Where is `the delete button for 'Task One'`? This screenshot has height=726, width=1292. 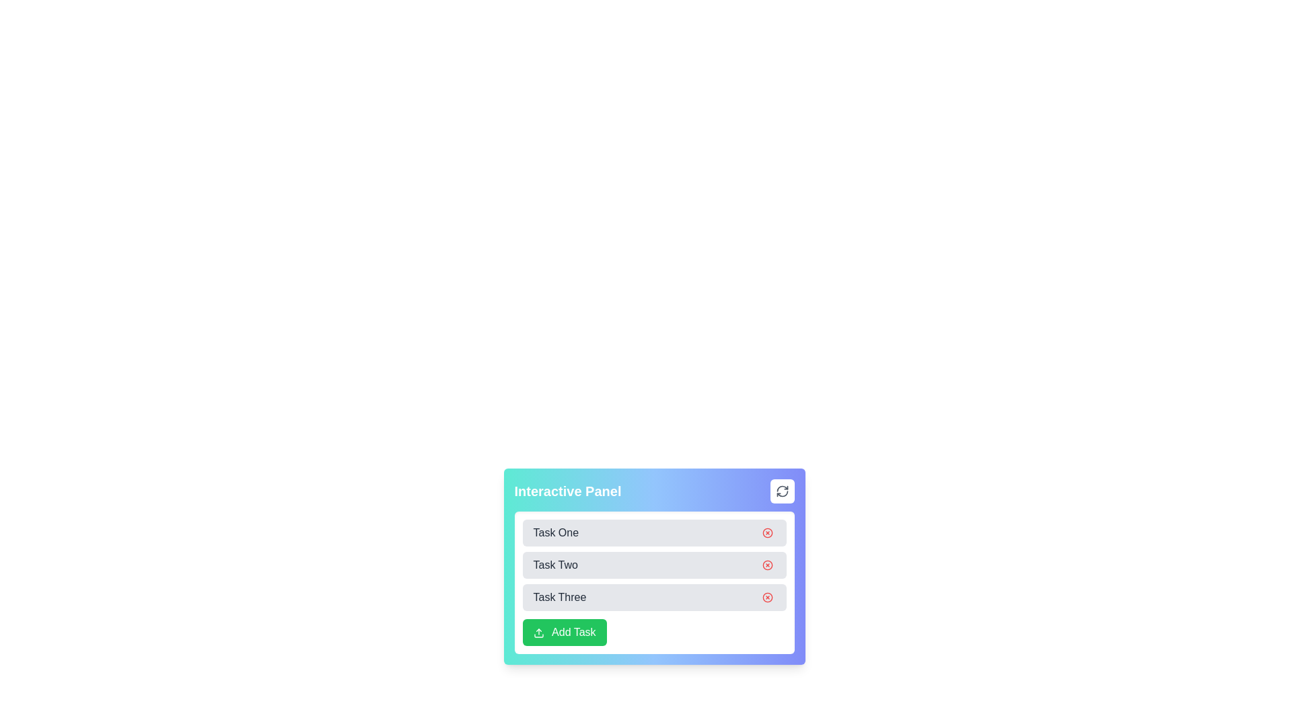
the delete button for 'Task One' is located at coordinates (767, 532).